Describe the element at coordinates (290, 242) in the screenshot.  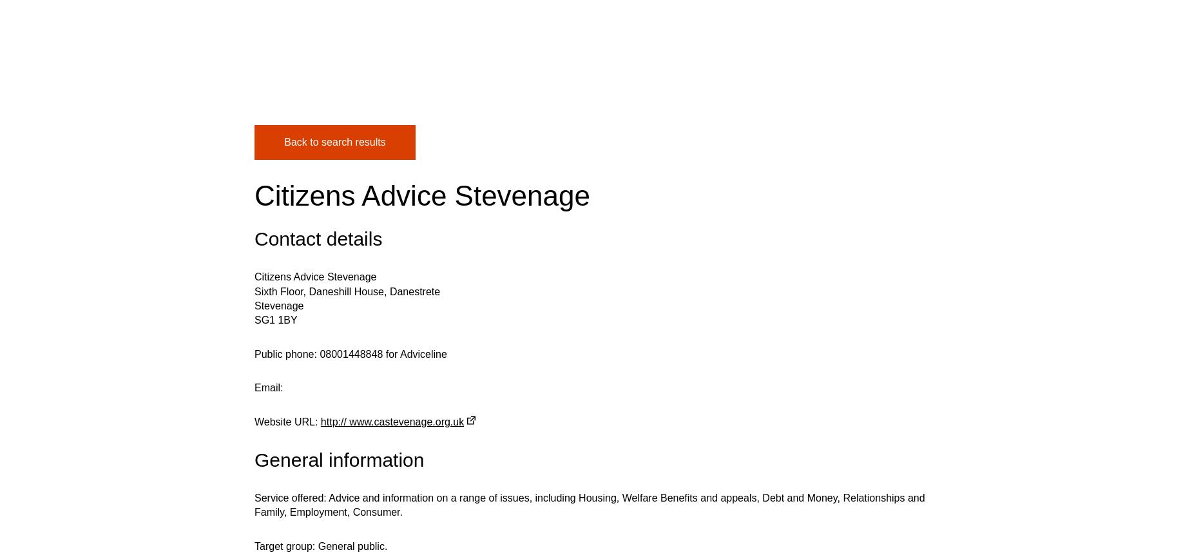
I see `'Charity number:'` at that location.